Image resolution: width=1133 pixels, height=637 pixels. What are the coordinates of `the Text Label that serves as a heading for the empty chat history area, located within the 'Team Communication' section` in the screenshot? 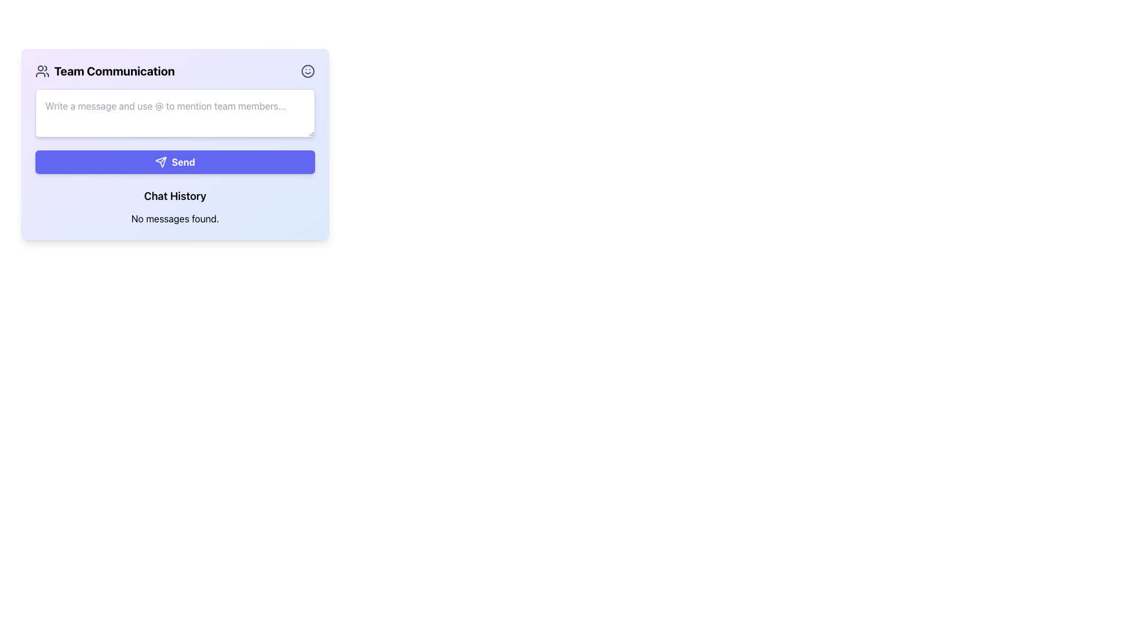 It's located at (175, 195).